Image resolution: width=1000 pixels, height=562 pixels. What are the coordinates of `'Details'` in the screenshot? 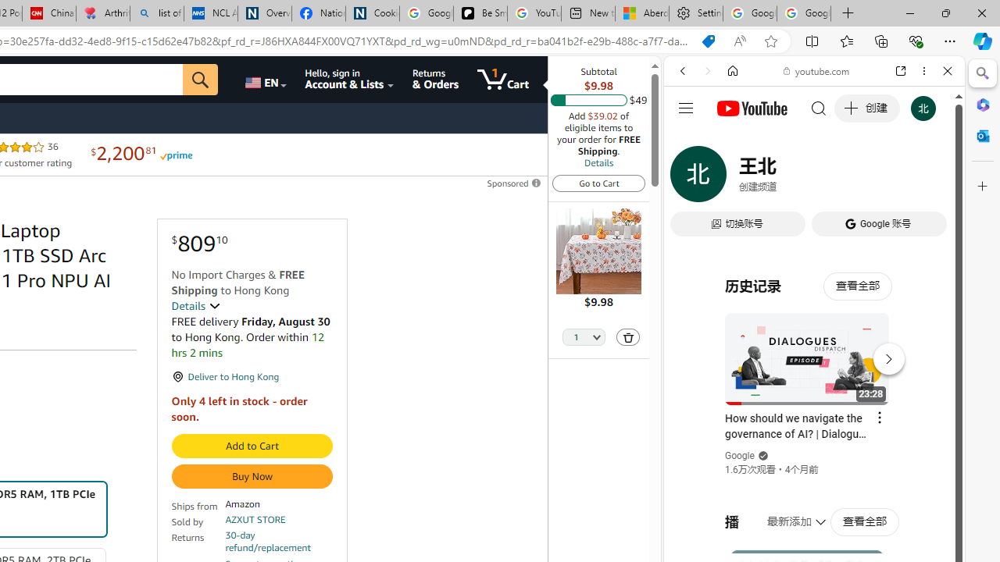 It's located at (598, 162).